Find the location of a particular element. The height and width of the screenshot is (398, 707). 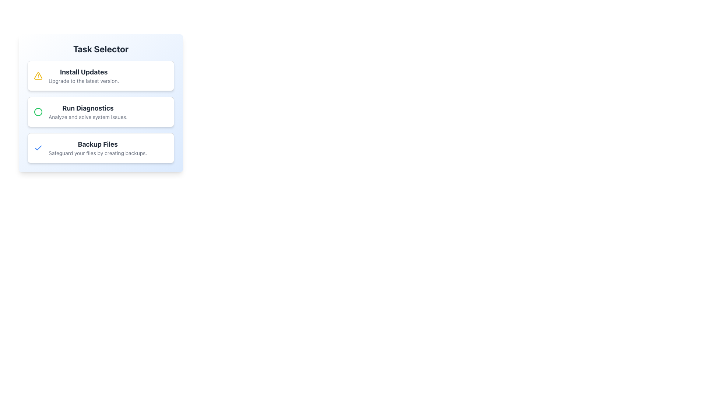

to select the 'Run Diagnostics' option, which is the second item in the vertically aligned list under the 'Task Selector' header, styled with bold text and a description below it is located at coordinates (88, 112).